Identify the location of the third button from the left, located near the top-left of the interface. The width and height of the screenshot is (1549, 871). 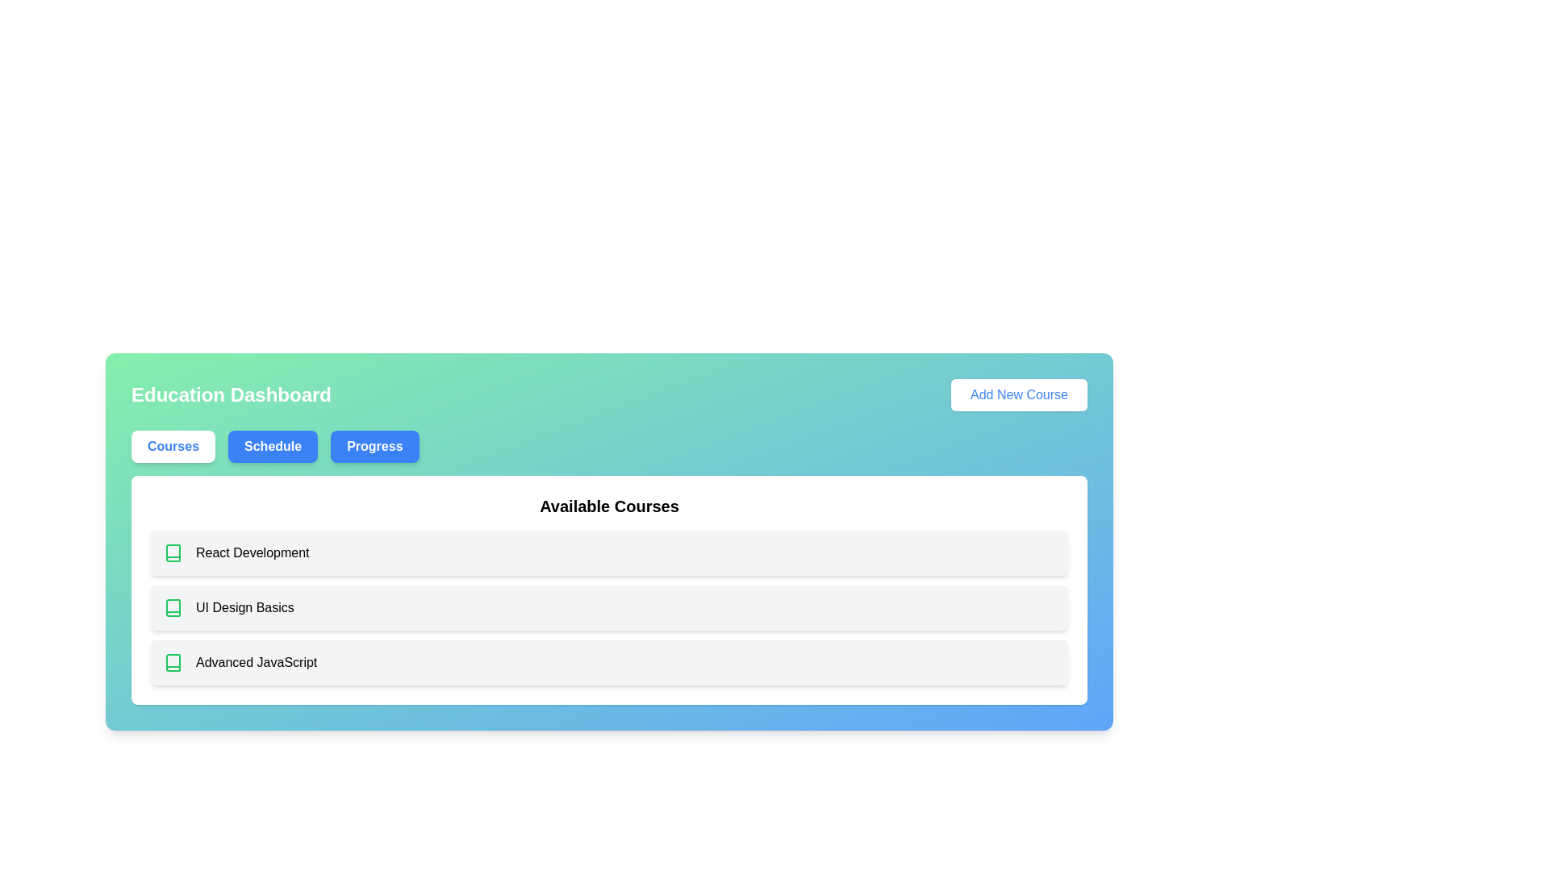
(374, 447).